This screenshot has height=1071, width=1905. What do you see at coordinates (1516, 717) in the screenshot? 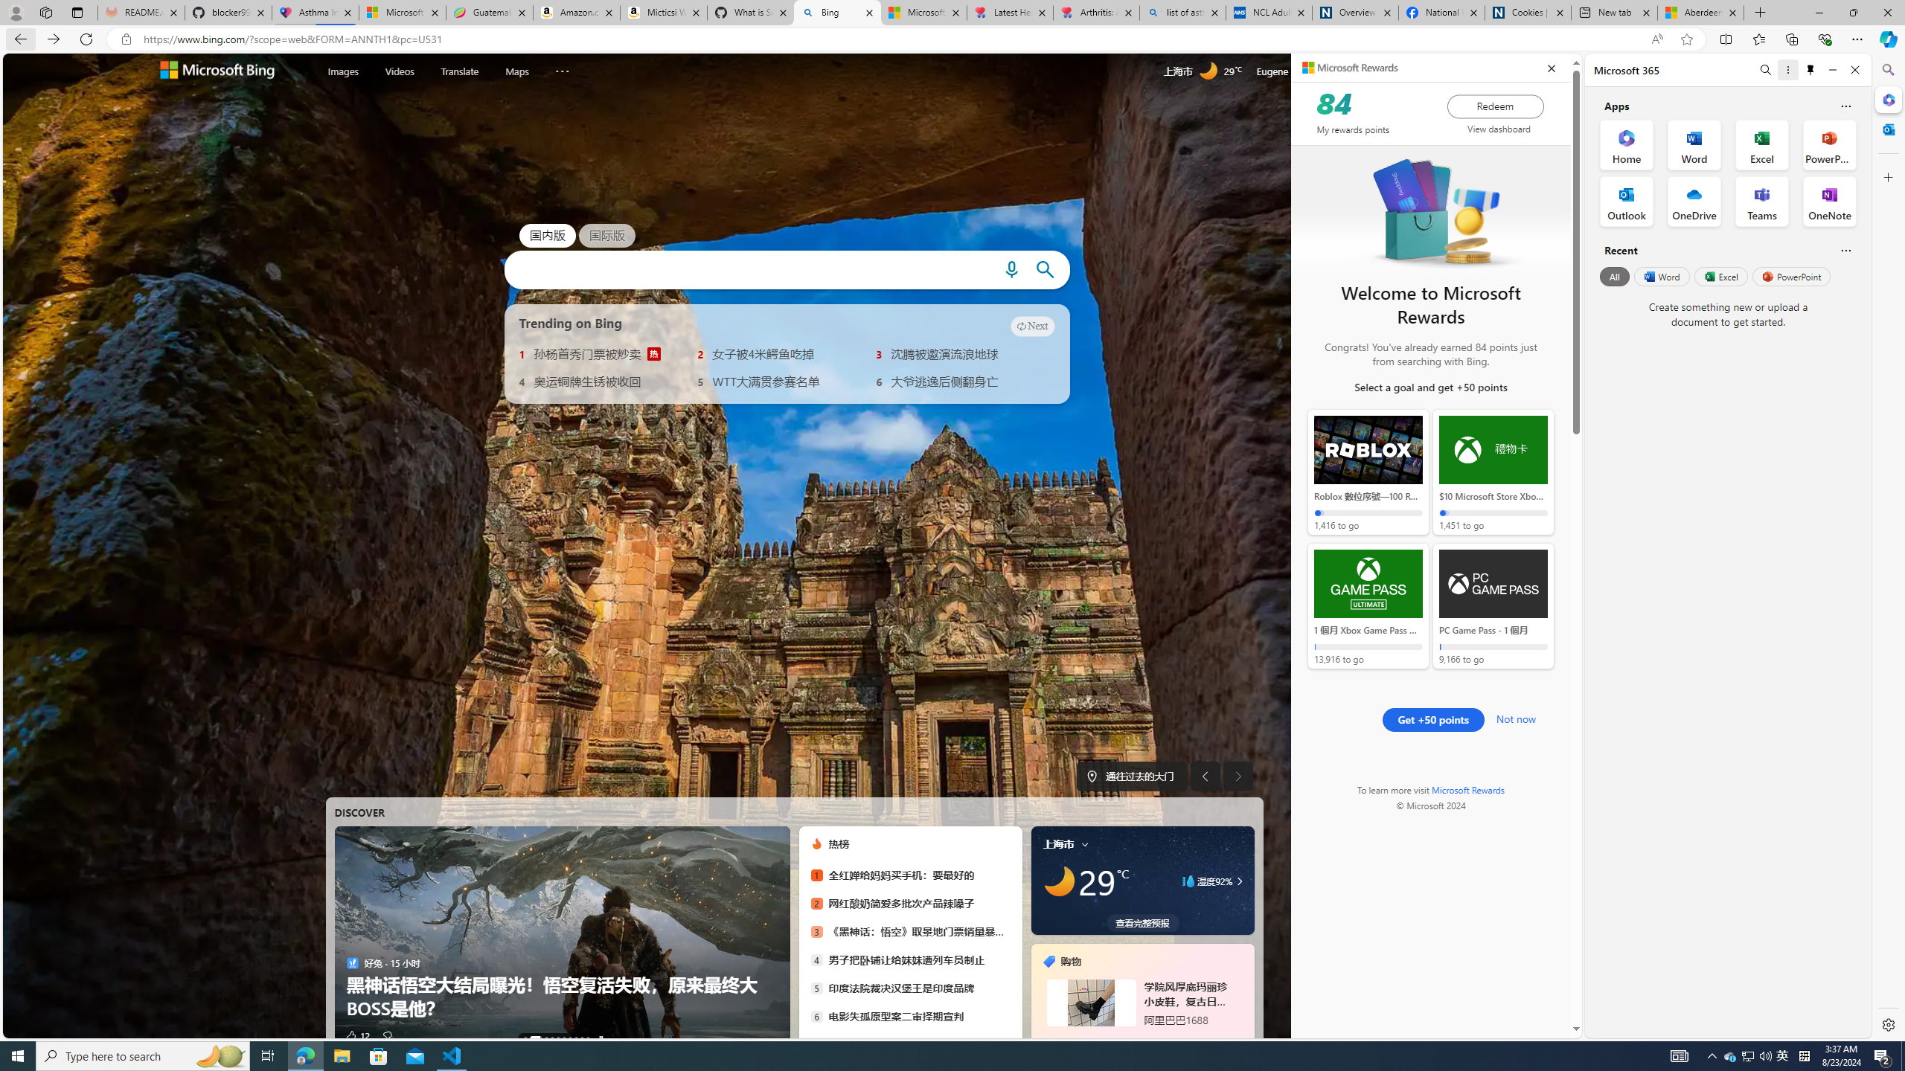
I see `'Not now'` at bounding box center [1516, 717].